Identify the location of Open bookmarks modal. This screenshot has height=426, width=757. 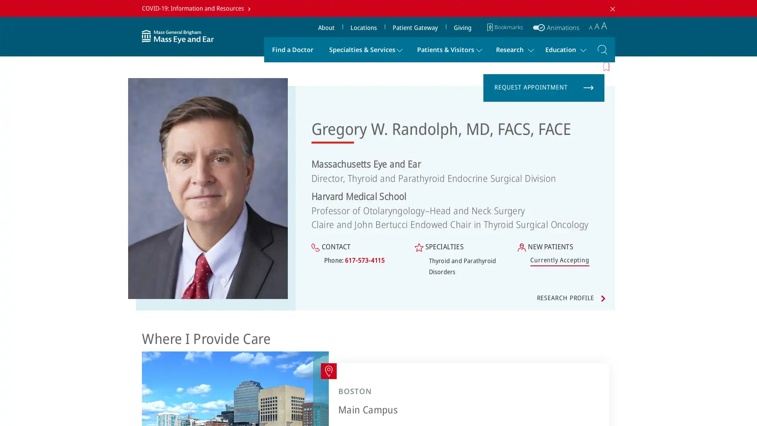
(505, 26).